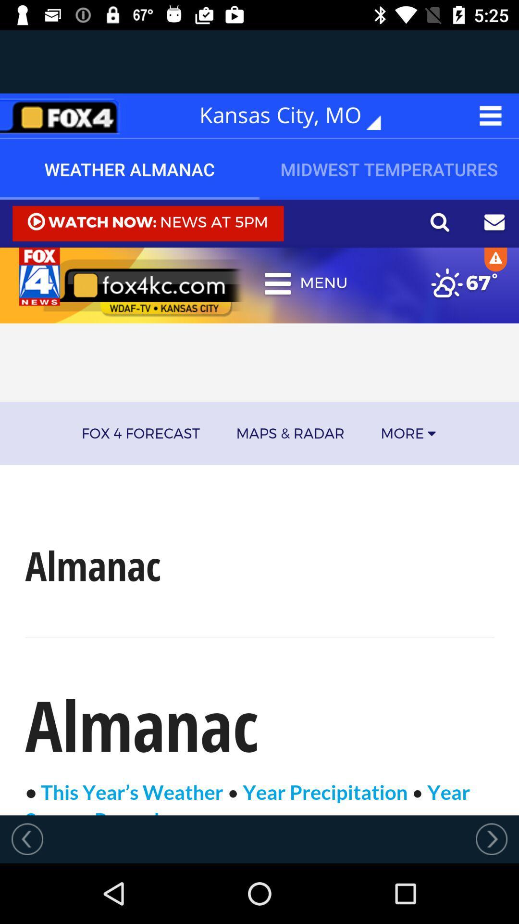  I want to click on move to next screen, so click(491, 838).